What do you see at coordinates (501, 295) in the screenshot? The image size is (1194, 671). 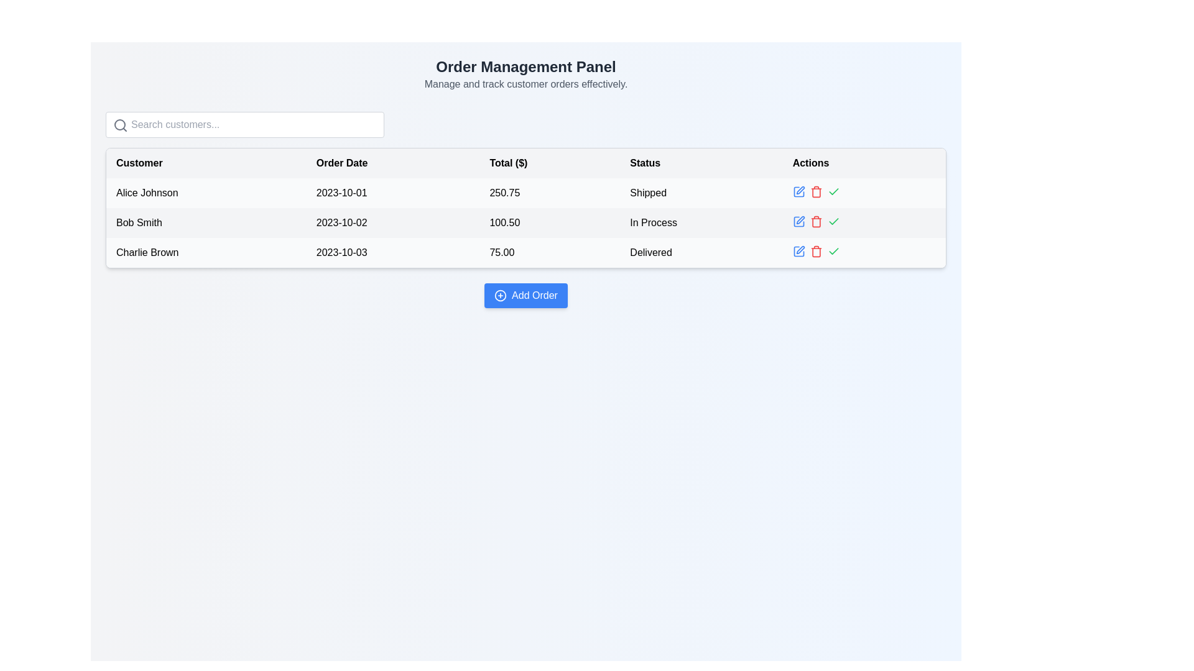 I see `the circular graphical icon within the 'Add Order' button, which is centrally positioned below the customer orders table` at bounding box center [501, 295].